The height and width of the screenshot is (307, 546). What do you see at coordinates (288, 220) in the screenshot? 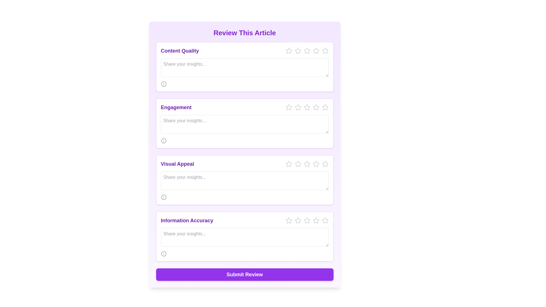
I see `the first star in the star rating row for the 'Information Accuracy' section` at bounding box center [288, 220].